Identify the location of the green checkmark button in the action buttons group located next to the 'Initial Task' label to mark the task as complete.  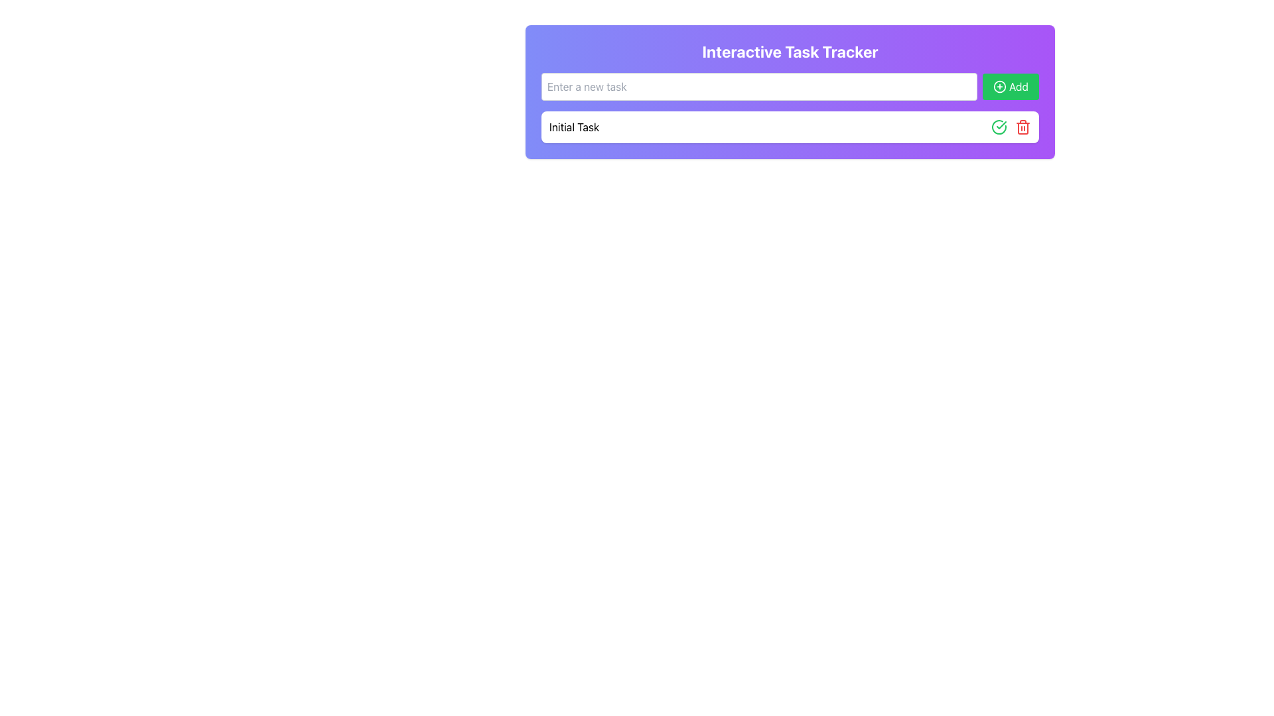
(1010, 127).